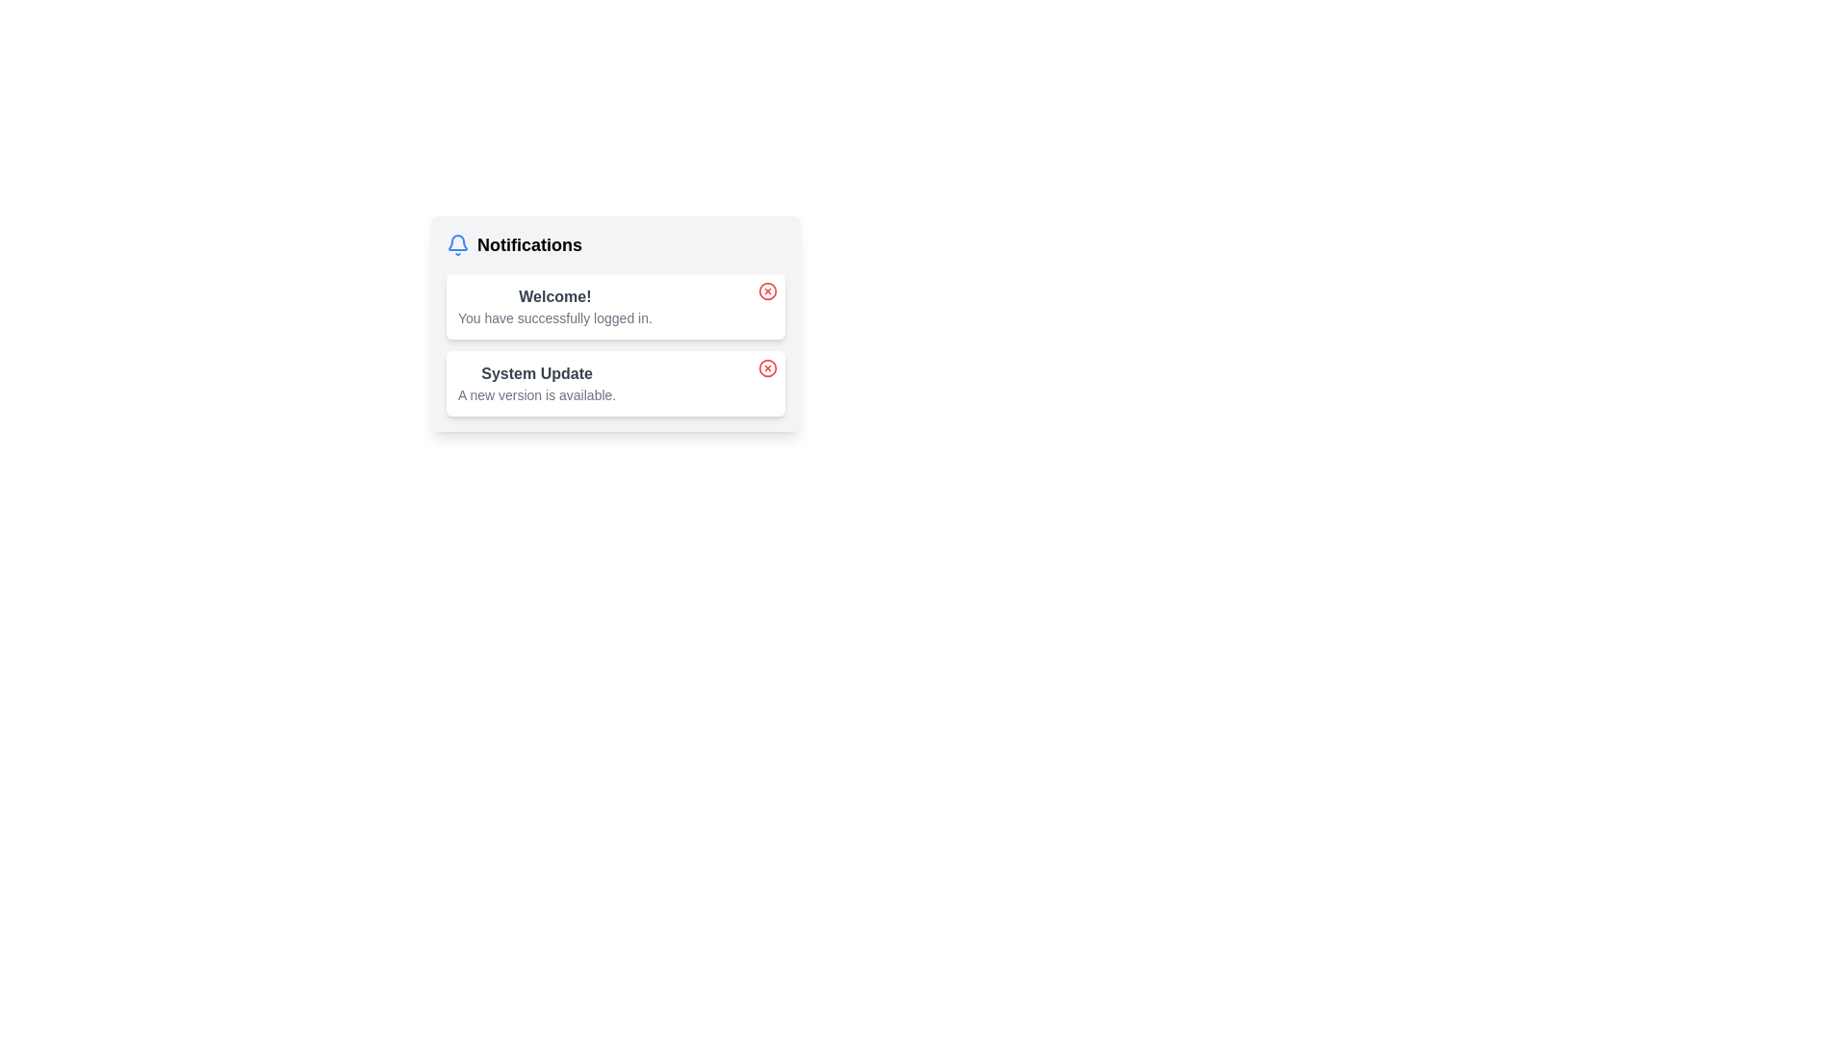  Describe the element at coordinates (766, 367) in the screenshot. I see `the close button located at the top-right corner of the 'System Update' notification card` at that location.